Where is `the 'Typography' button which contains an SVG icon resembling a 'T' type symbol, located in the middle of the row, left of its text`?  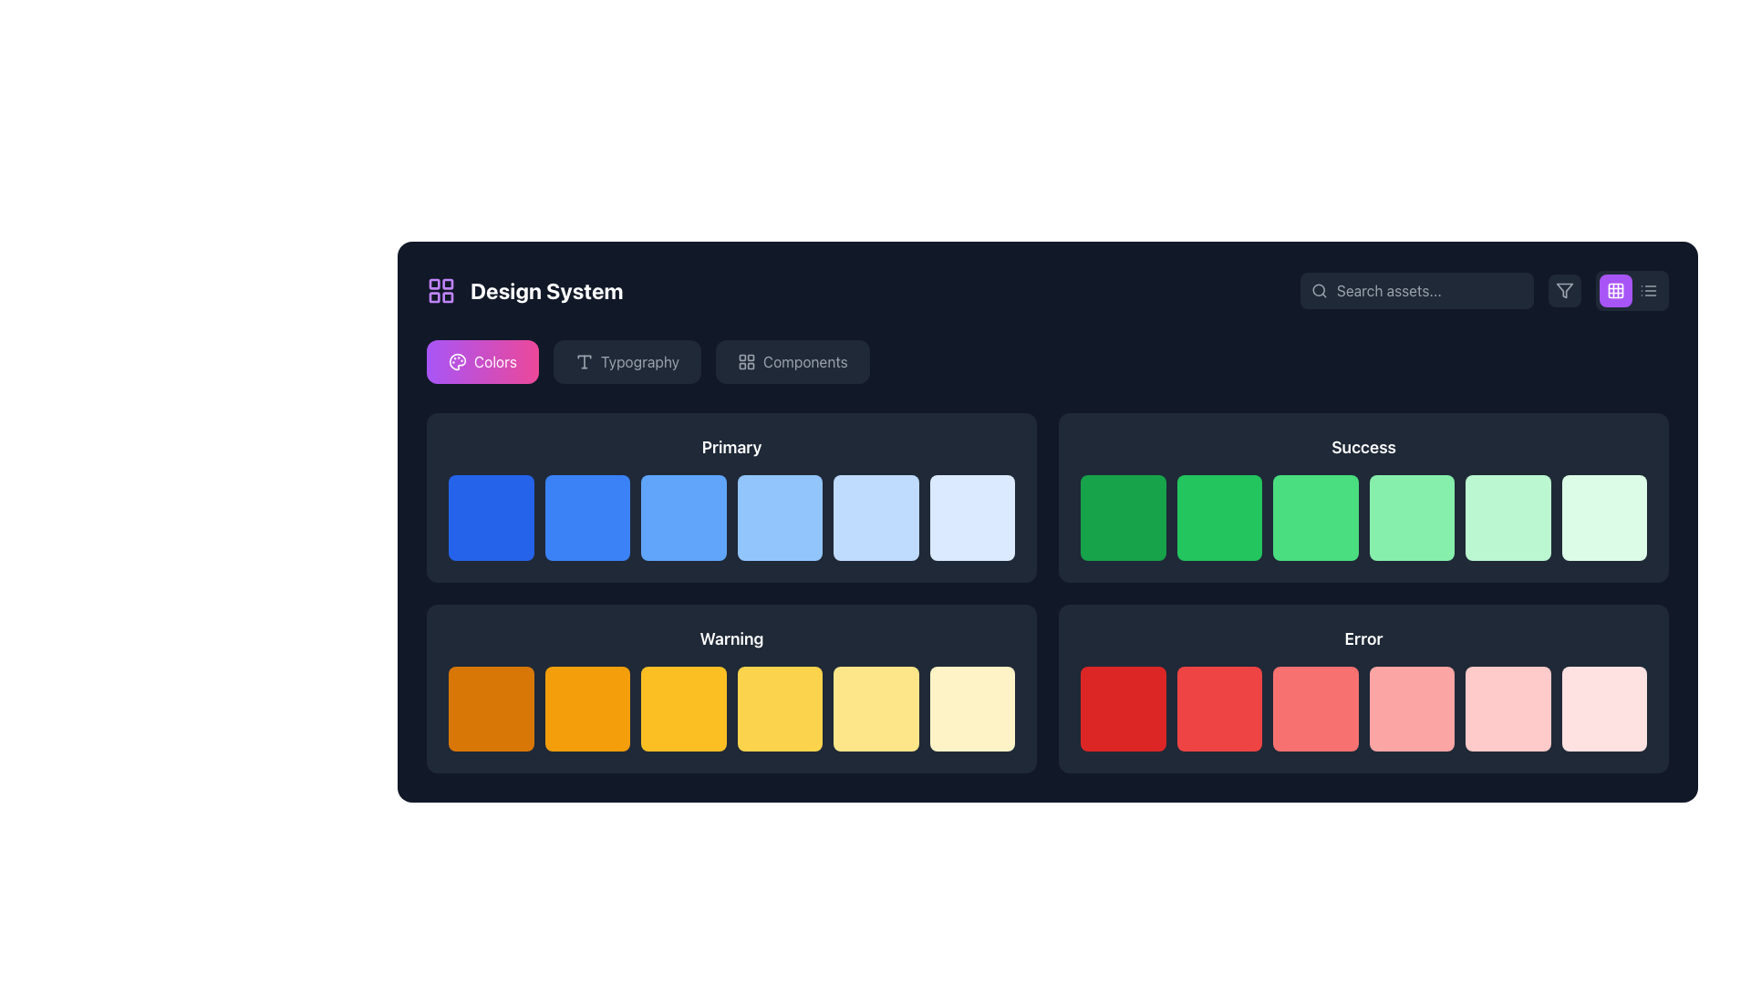
the 'Typography' button which contains an SVG icon resembling a 'T' type symbol, located in the middle of the row, left of its text is located at coordinates (584, 362).